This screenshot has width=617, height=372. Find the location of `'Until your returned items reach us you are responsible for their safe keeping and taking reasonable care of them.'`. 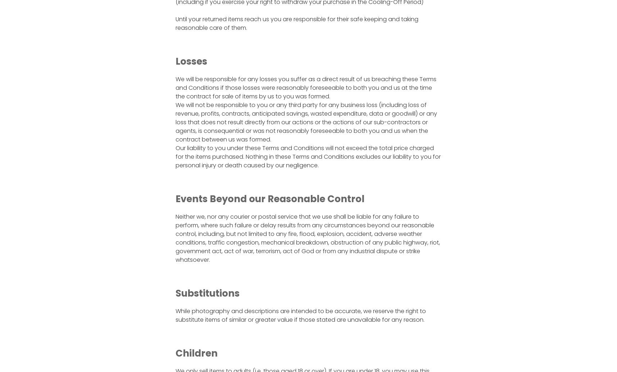

'Until your returned items reach us you are responsible for their safe keeping and taking reasonable care of them.' is located at coordinates (296, 23).